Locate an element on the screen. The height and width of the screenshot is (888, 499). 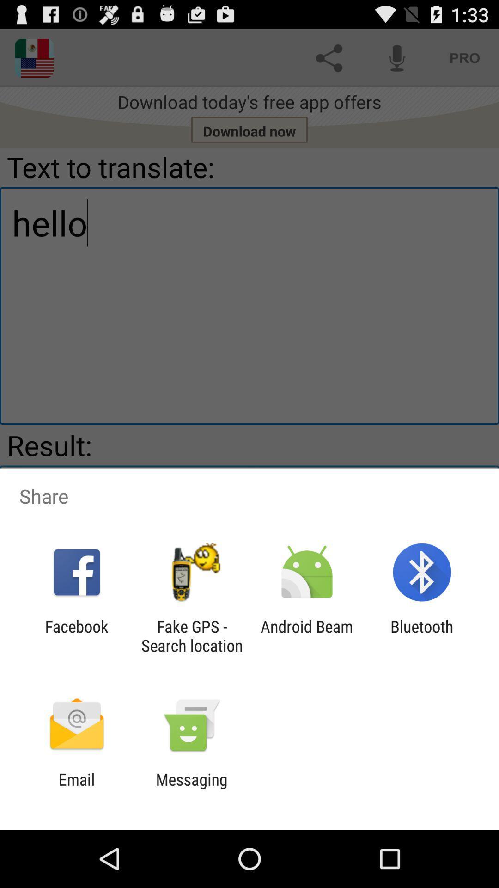
app to the right of the facebook item is located at coordinates (191, 635).